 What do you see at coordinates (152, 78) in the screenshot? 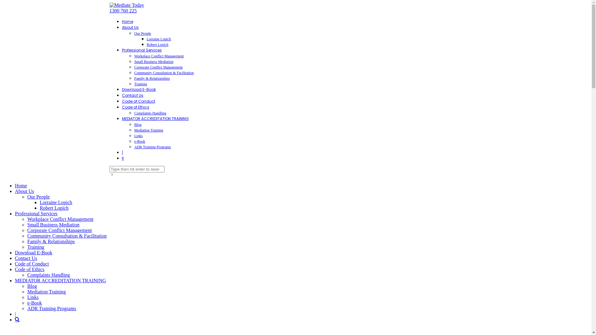
I see `'Family & Relationships'` at bounding box center [152, 78].